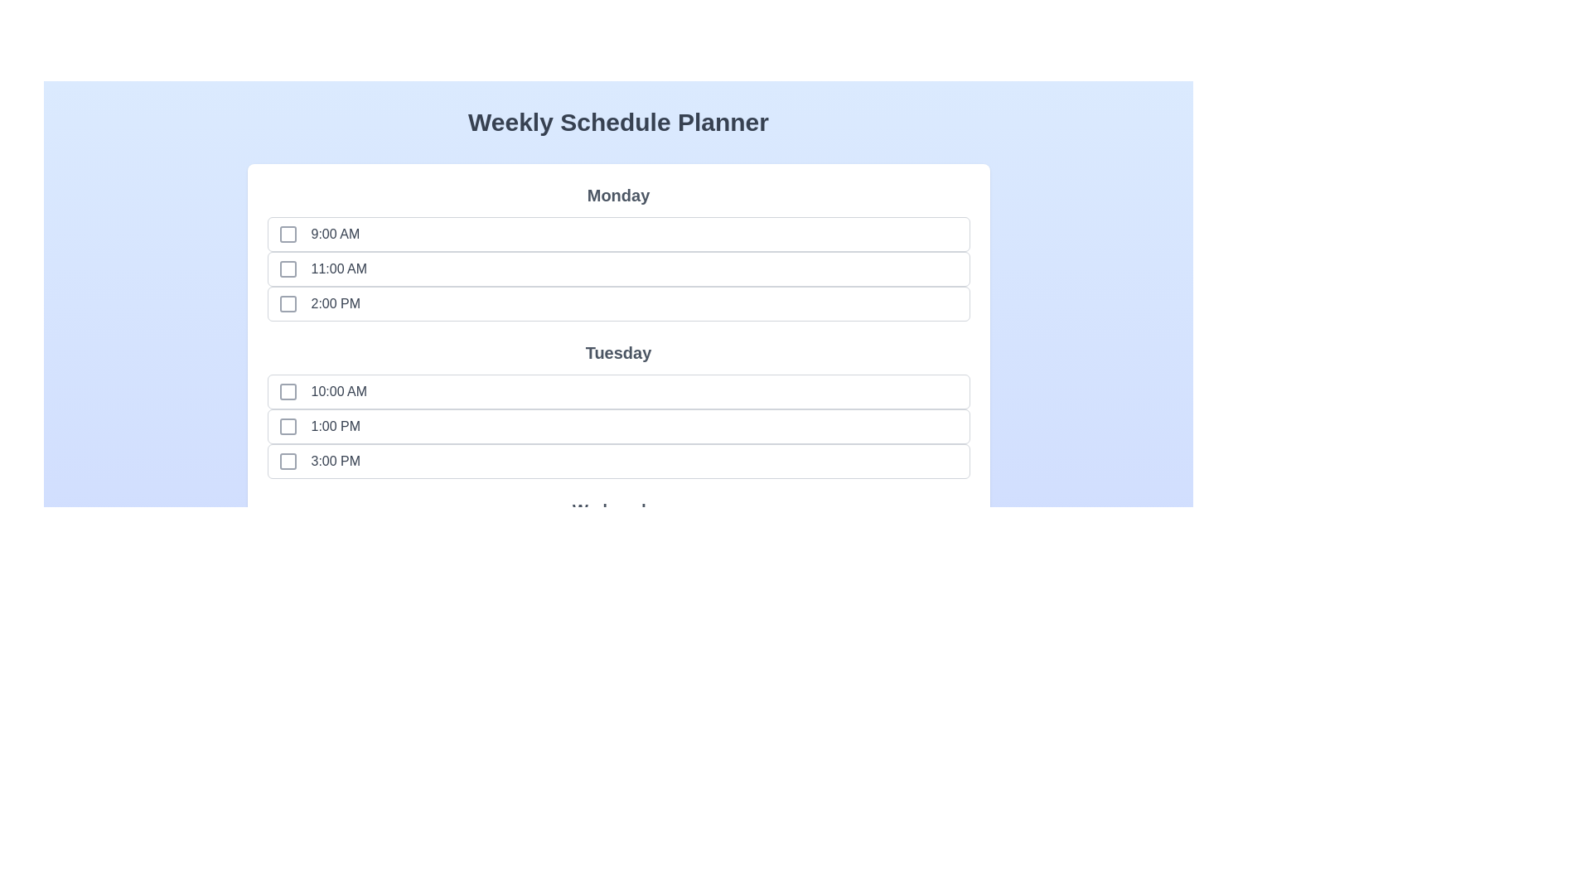 The height and width of the screenshot is (895, 1591). Describe the element at coordinates (288, 461) in the screenshot. I see `the time slot Tuesday at 3:00 PM` at that location.